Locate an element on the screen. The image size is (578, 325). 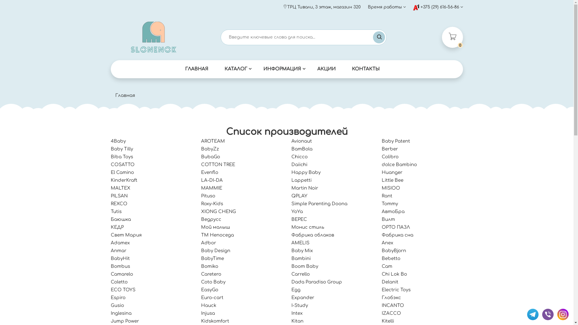
'Rant' is located at coordinates (381, 196).